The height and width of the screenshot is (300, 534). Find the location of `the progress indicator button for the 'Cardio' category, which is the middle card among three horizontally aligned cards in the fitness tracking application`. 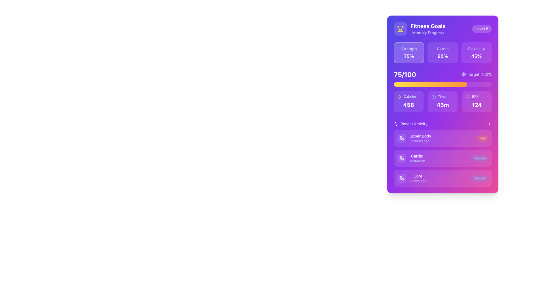

the progress indicator button for the 'Cardio' category, which is the middle card among three horizontally aligned cards in the fitness tracking application is located at coordinates (442, 52).